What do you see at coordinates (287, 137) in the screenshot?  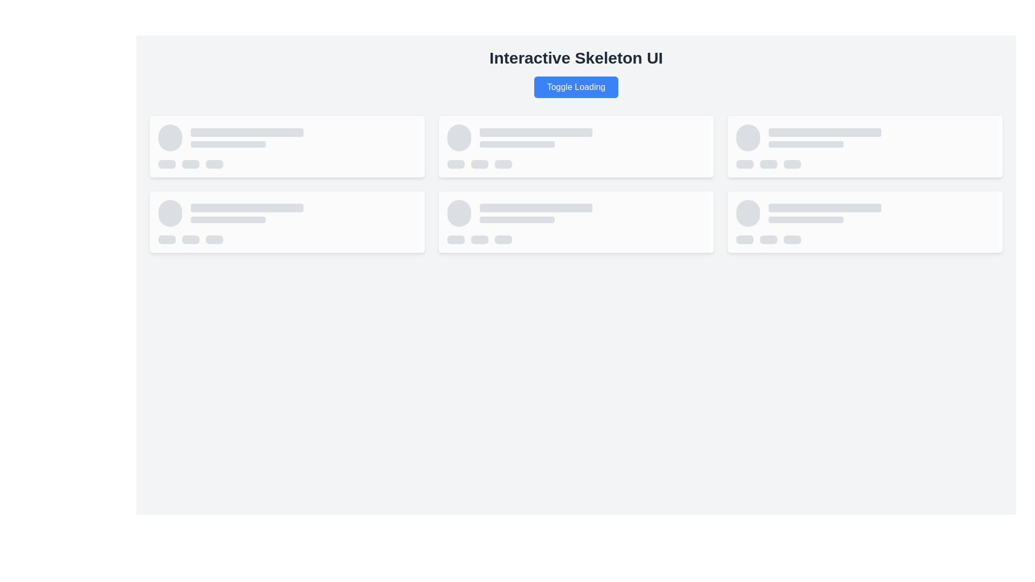 I see `the layout placeholder at the topmost component of the first card in a 2x3 grid layout, featuring a large rounded gray circle and two light gray rectangular blocks` at bounding box center [287, 137].